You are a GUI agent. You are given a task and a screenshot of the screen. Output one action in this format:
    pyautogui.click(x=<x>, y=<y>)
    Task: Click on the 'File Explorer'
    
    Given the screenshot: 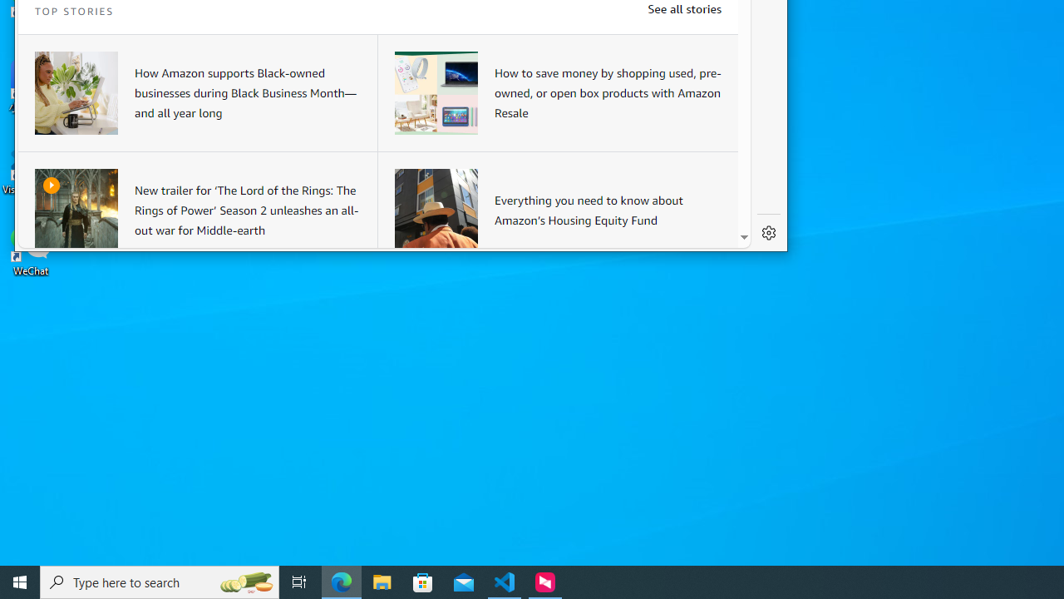 What is the action you would take?
    pyautogui.click(x=382, y=581)
    